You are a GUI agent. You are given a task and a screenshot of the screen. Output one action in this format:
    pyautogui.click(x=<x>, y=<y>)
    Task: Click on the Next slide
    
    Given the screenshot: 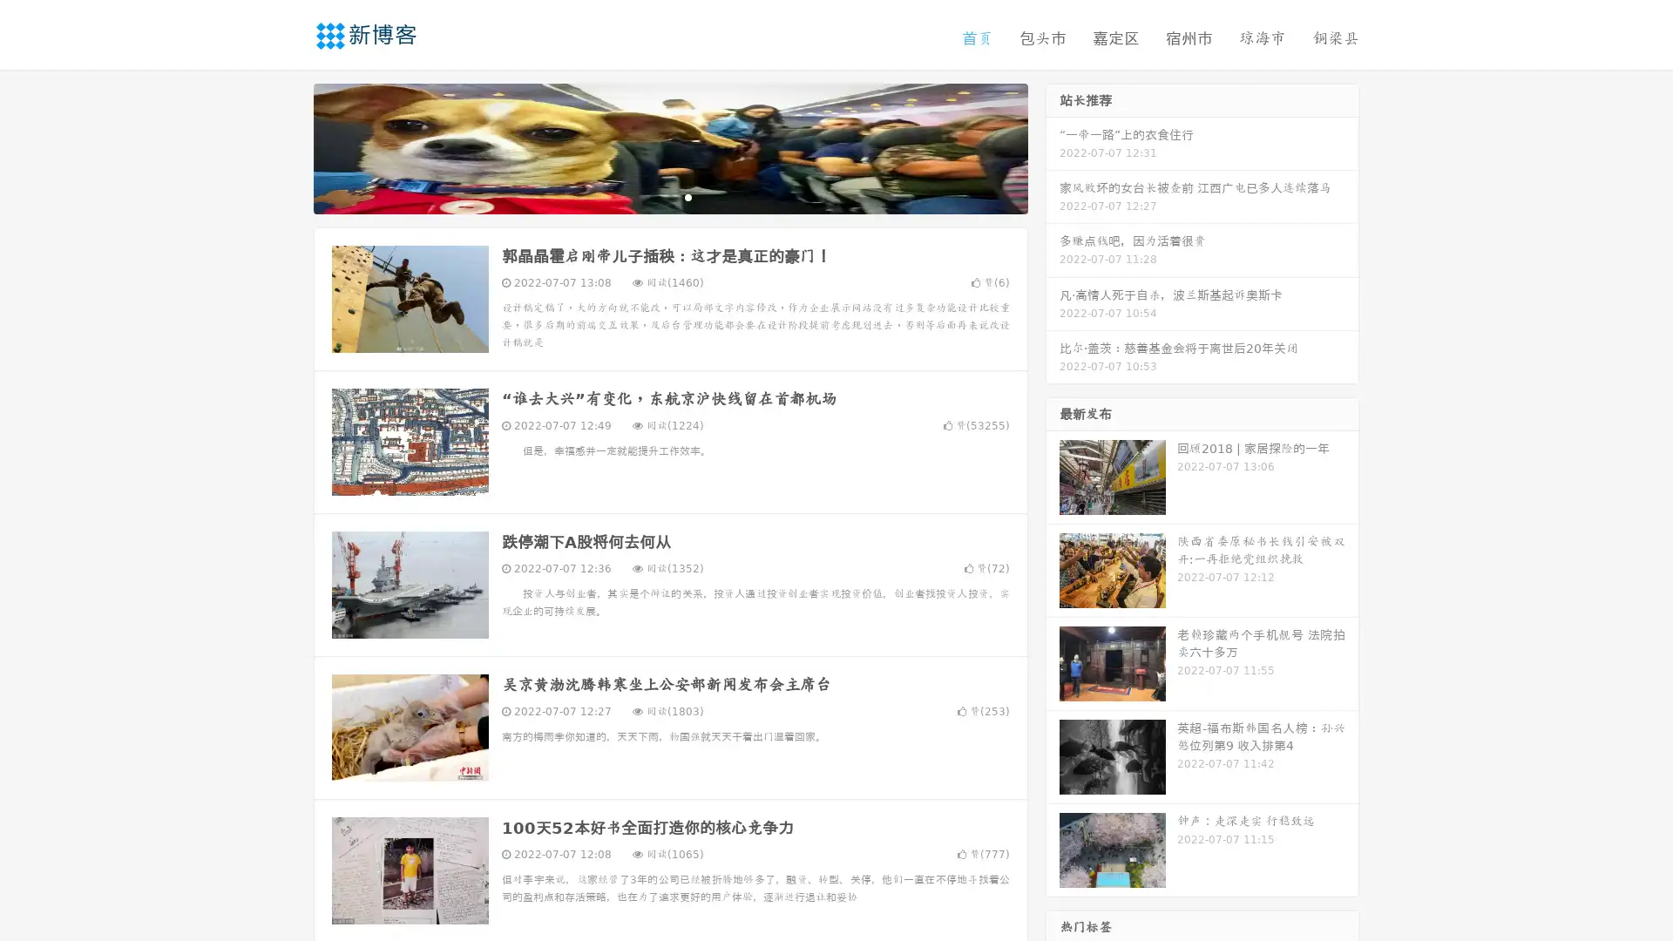 What is the action you would take?
    pyautogui.click(x=1053, y=146)
    